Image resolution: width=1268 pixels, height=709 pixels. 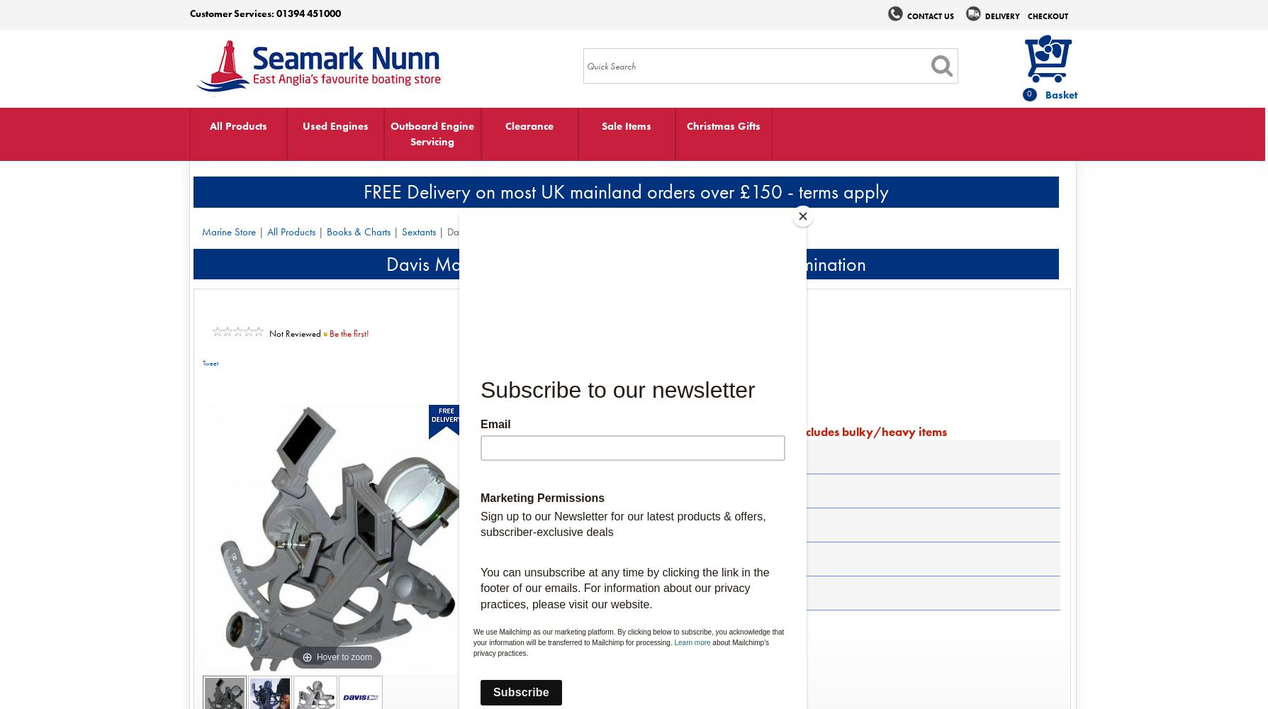 I want to click on 'Ref: CU83025', so click(x=513, y=413).